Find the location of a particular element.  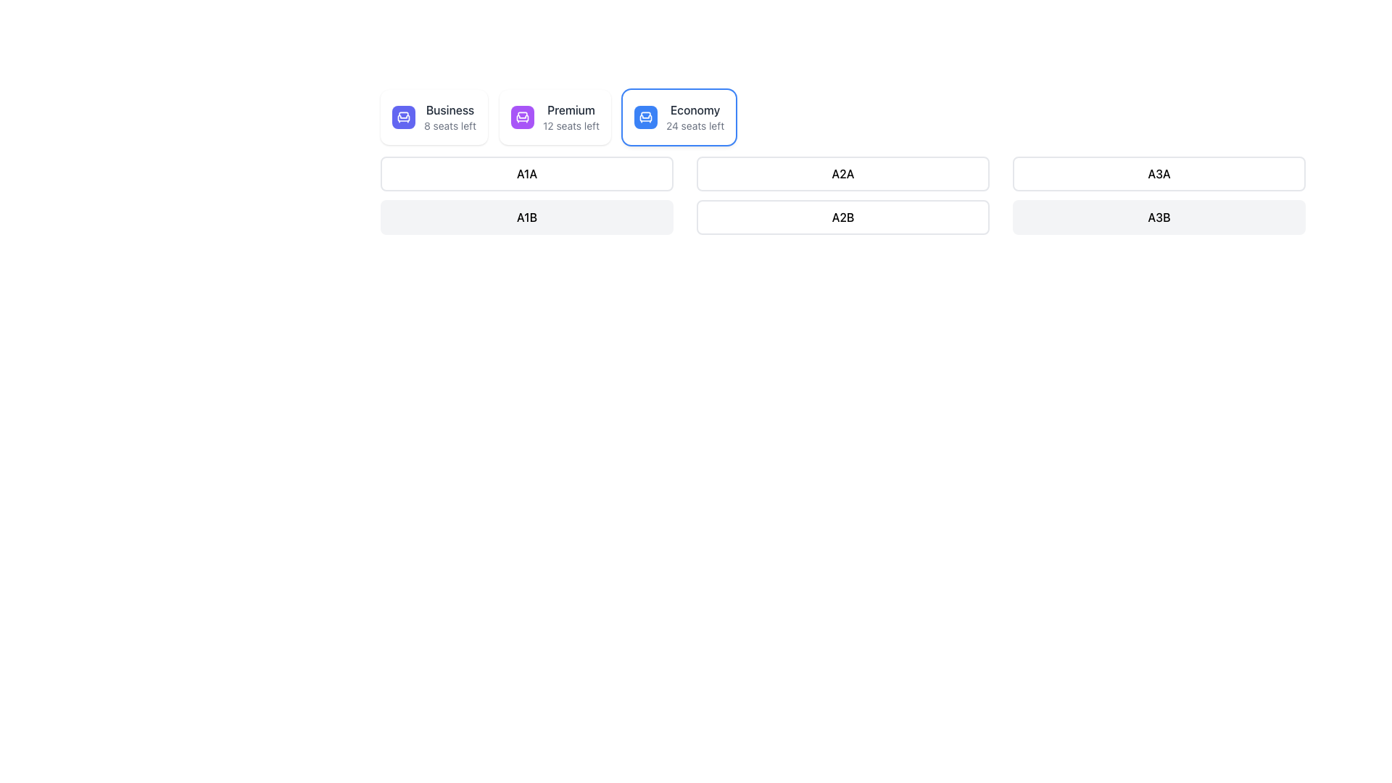

the Icon Button with a rounded indigo square containing a white armchair icon, positioned above the 'Business' label stating '8 seats left' is located at coordinates (403, 117).